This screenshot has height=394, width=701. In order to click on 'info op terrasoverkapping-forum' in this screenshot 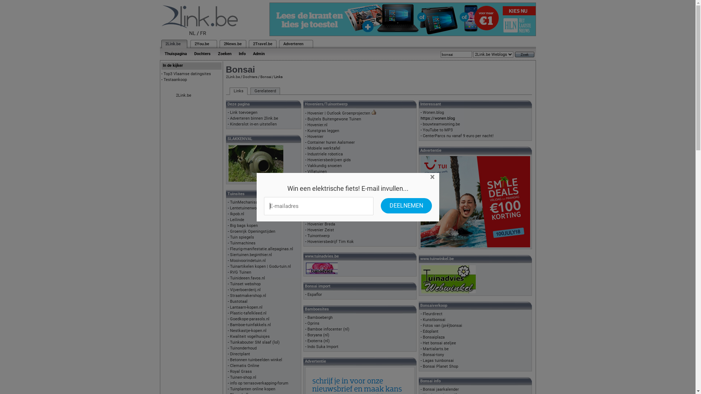, I will do `click(259, 383)`.